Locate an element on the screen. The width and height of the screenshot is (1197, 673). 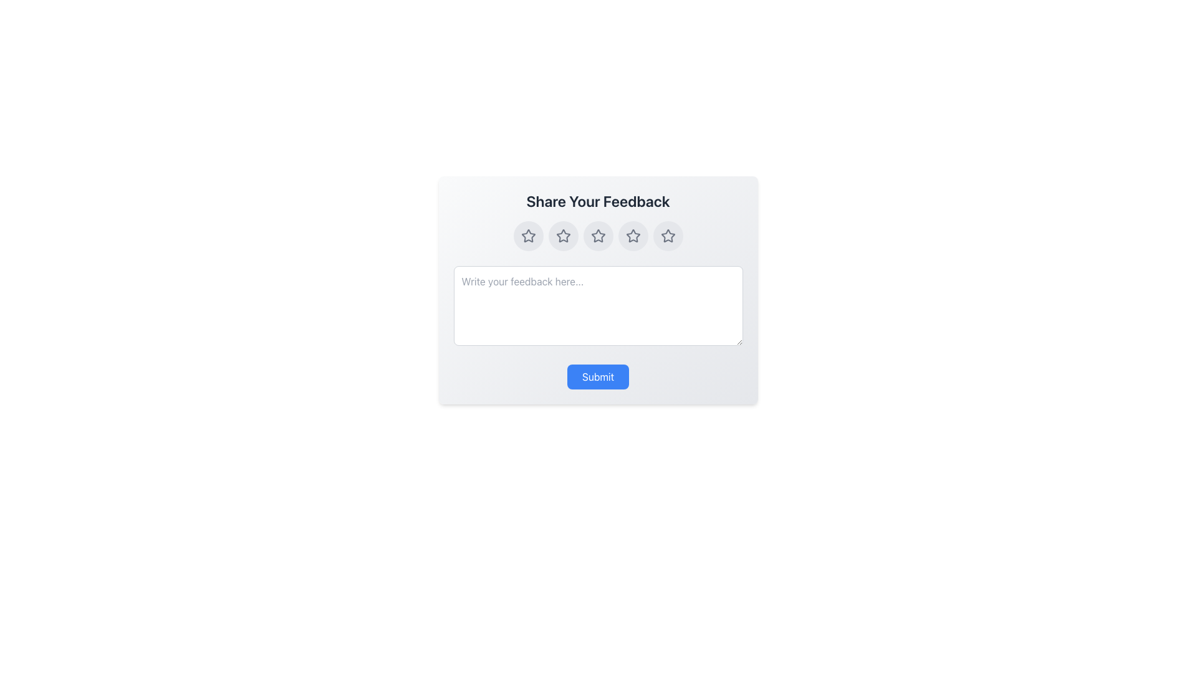
the second star-shaped icon in the rating functionality, which is outlined in light gray is located at coordinates (562, 236).